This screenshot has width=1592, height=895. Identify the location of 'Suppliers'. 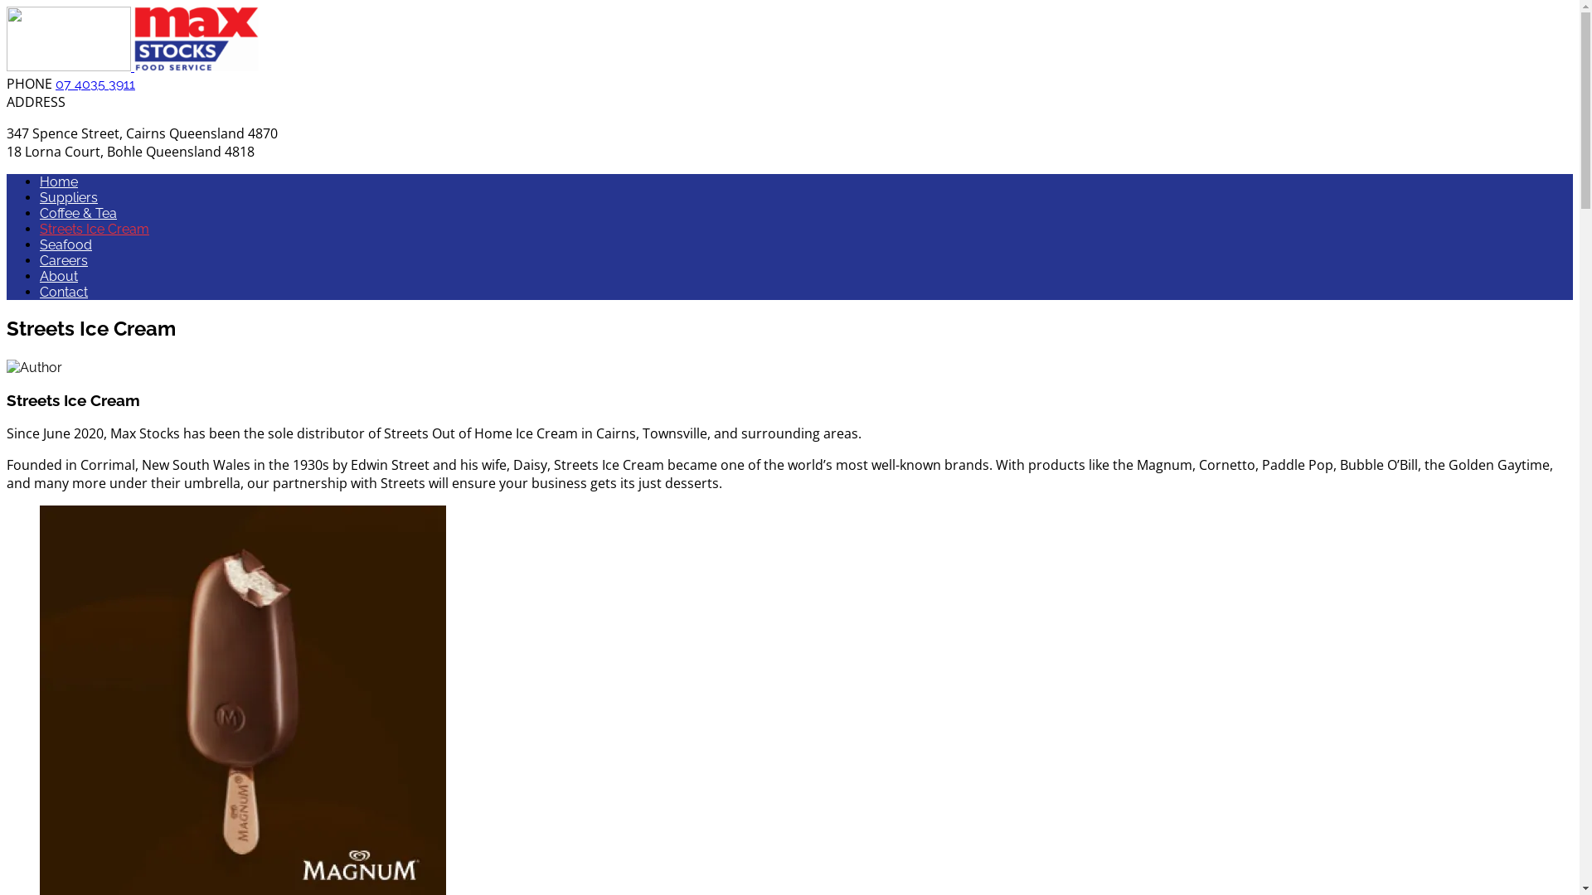
(67, 196).